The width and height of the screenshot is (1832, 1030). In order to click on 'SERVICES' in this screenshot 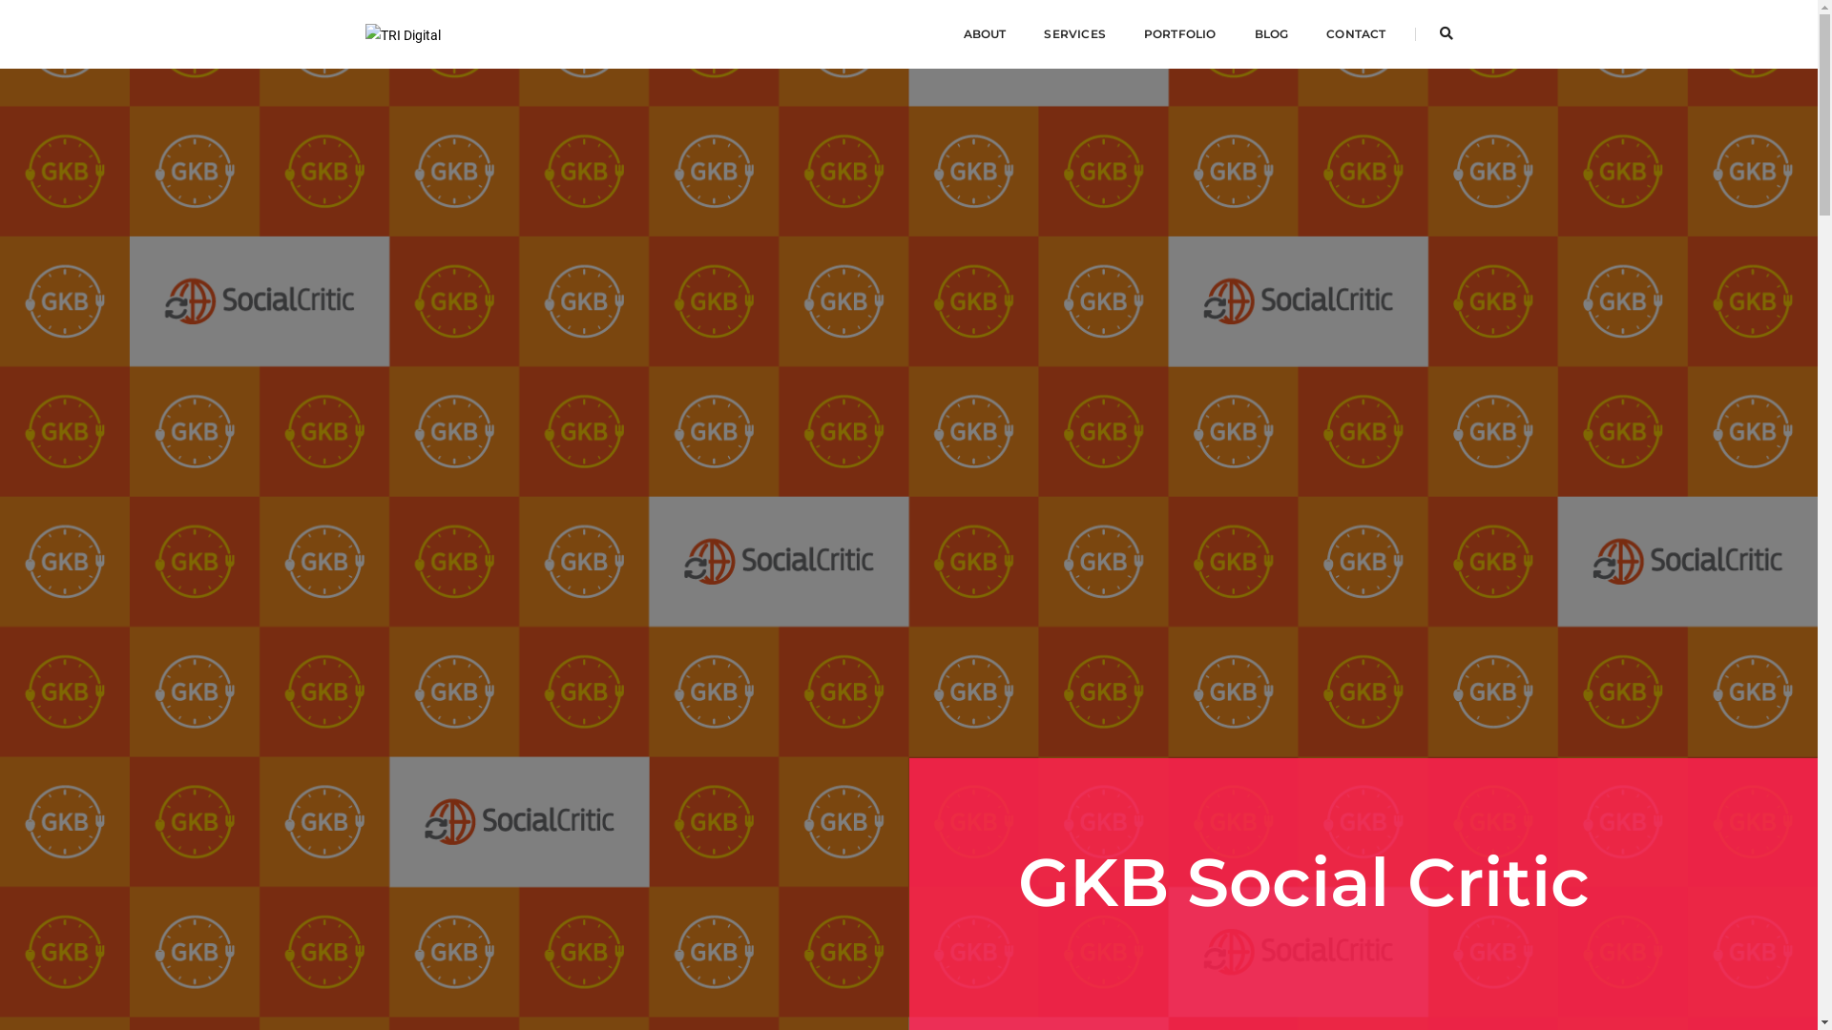, I will do `click(1074, 33)`.